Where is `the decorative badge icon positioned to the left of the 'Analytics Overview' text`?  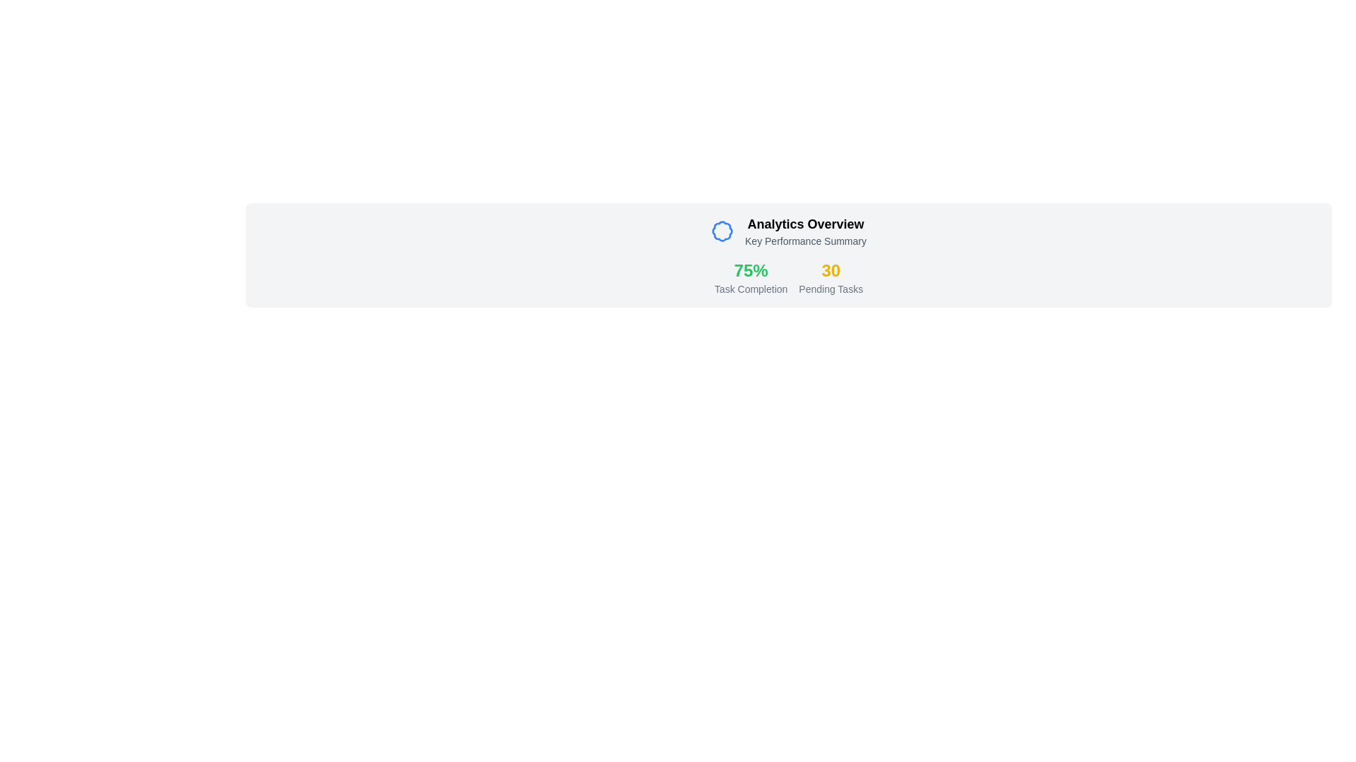
the decorative badge icon positioned to the left of the 'Analytics Overview' text is located at coordinates (722, 230).